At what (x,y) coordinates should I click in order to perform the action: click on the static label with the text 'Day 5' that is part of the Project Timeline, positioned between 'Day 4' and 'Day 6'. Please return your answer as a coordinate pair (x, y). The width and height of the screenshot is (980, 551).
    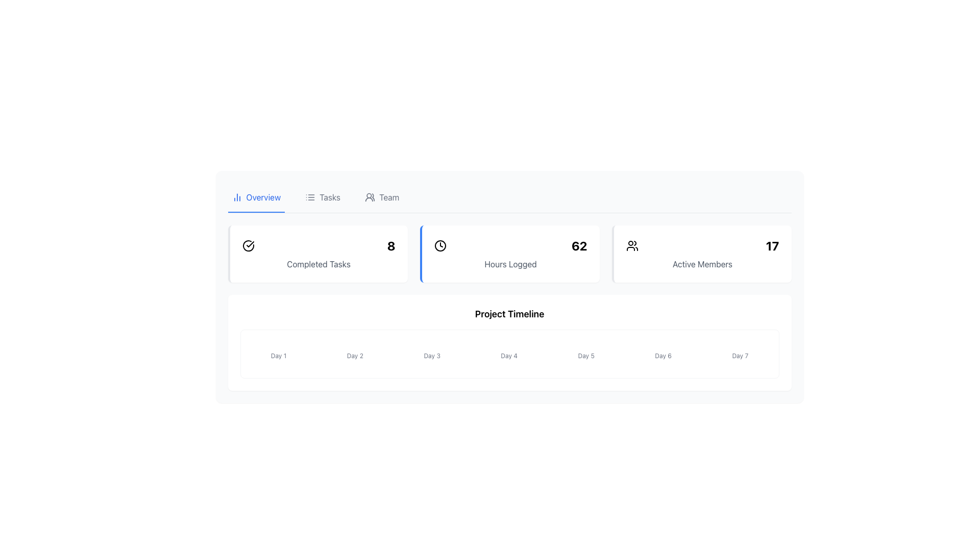
    Looking at the image, I should click on (586, 354).